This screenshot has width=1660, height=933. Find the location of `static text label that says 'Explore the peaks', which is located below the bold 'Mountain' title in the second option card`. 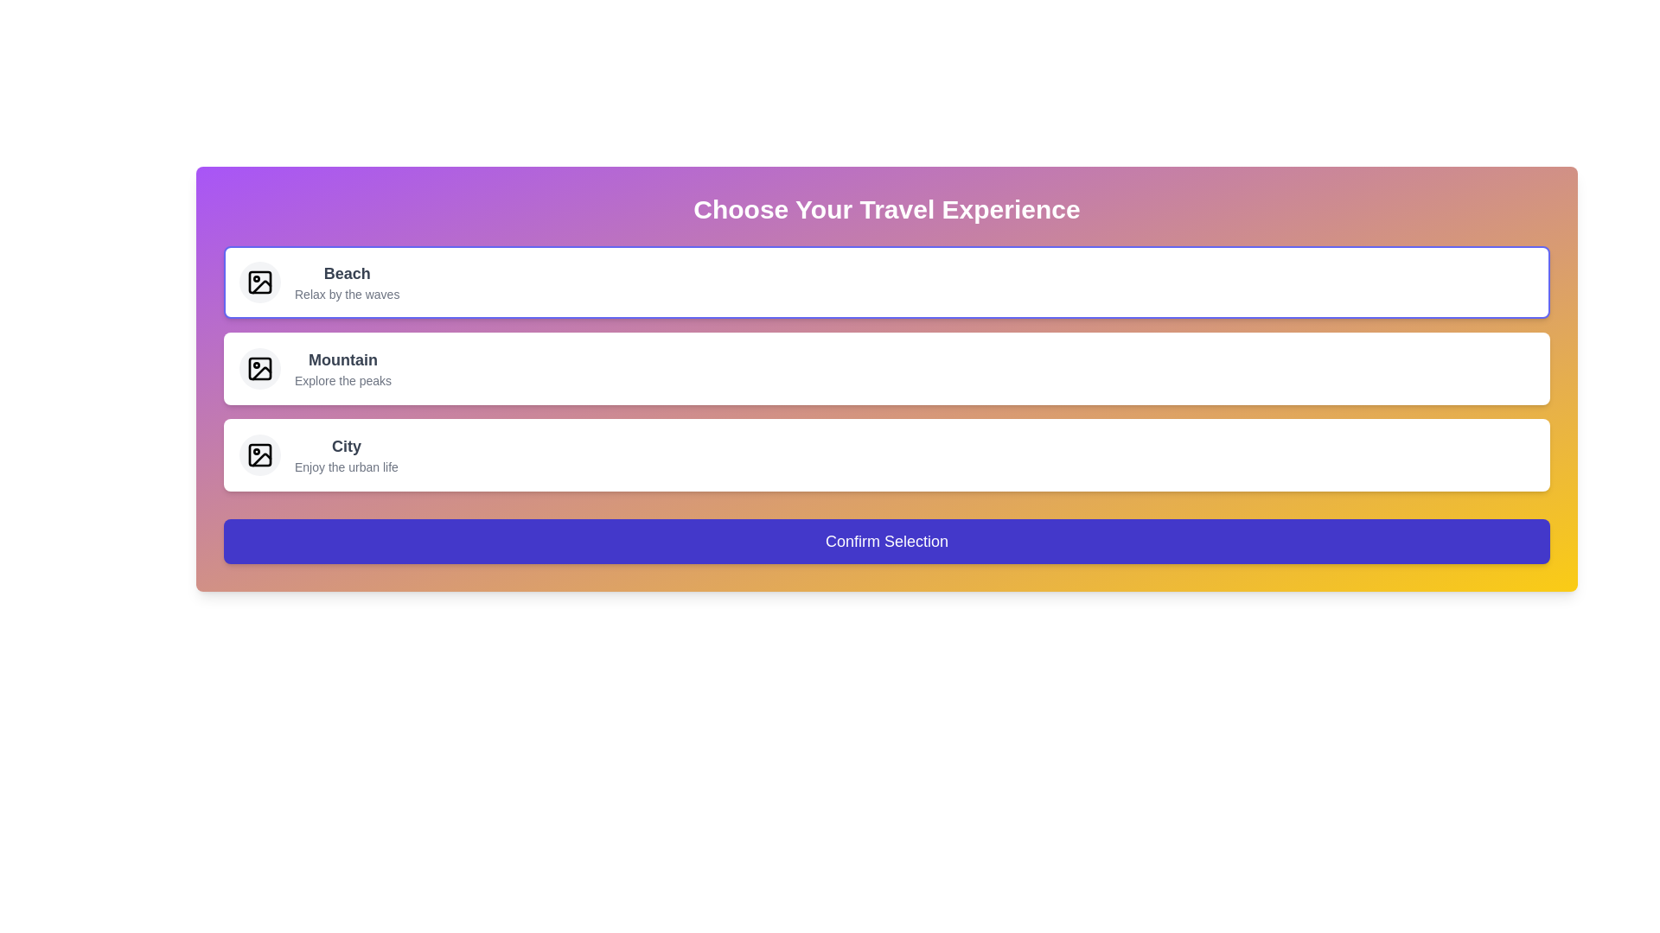

static text label that says 'Explore the peaks', which is located below the bold 'Mountain' title in the second option card is located at coordinates (343, 379).